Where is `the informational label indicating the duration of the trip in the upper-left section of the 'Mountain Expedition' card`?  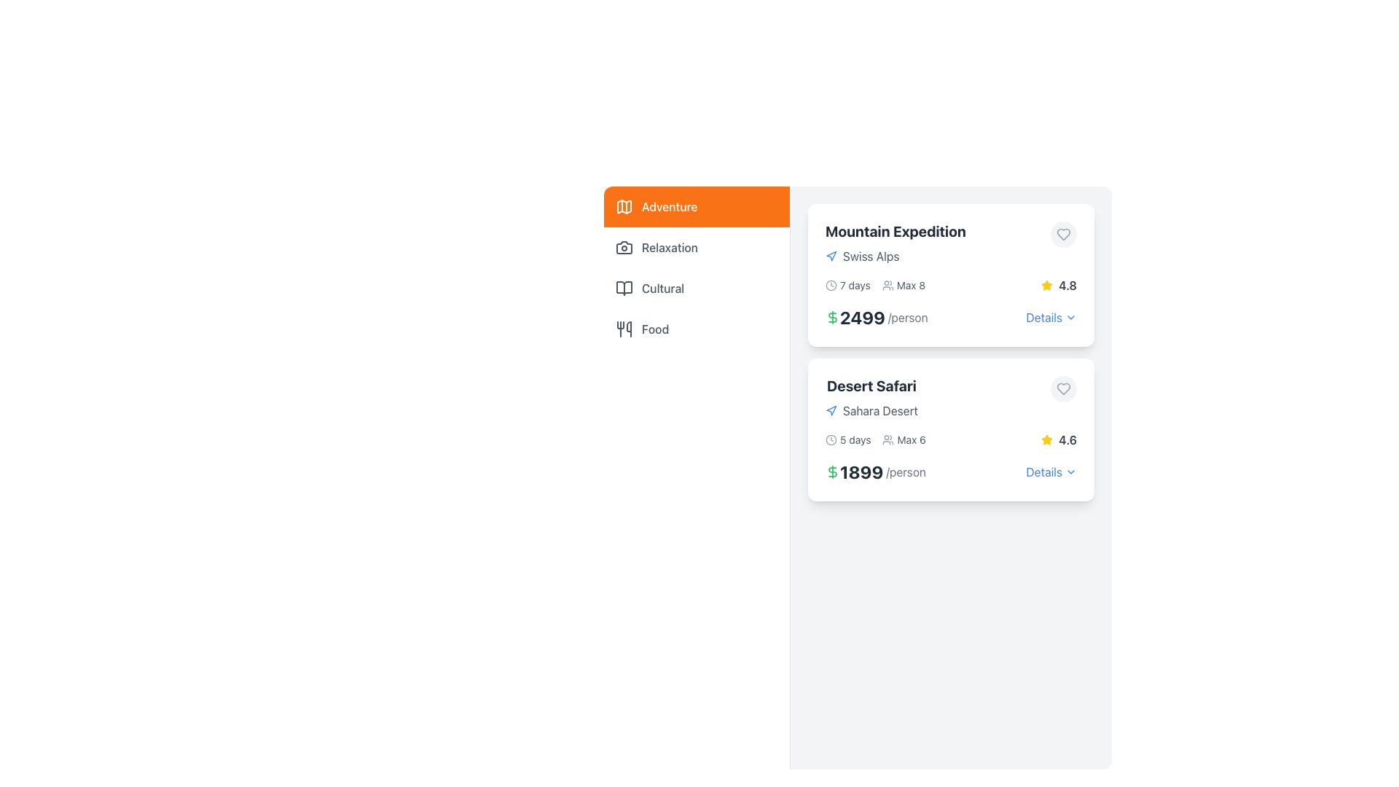 the informational label indicating the duration of the trip in the upper-left section of the 'Mountain Expedition' card is located at coordinates (847, 286).